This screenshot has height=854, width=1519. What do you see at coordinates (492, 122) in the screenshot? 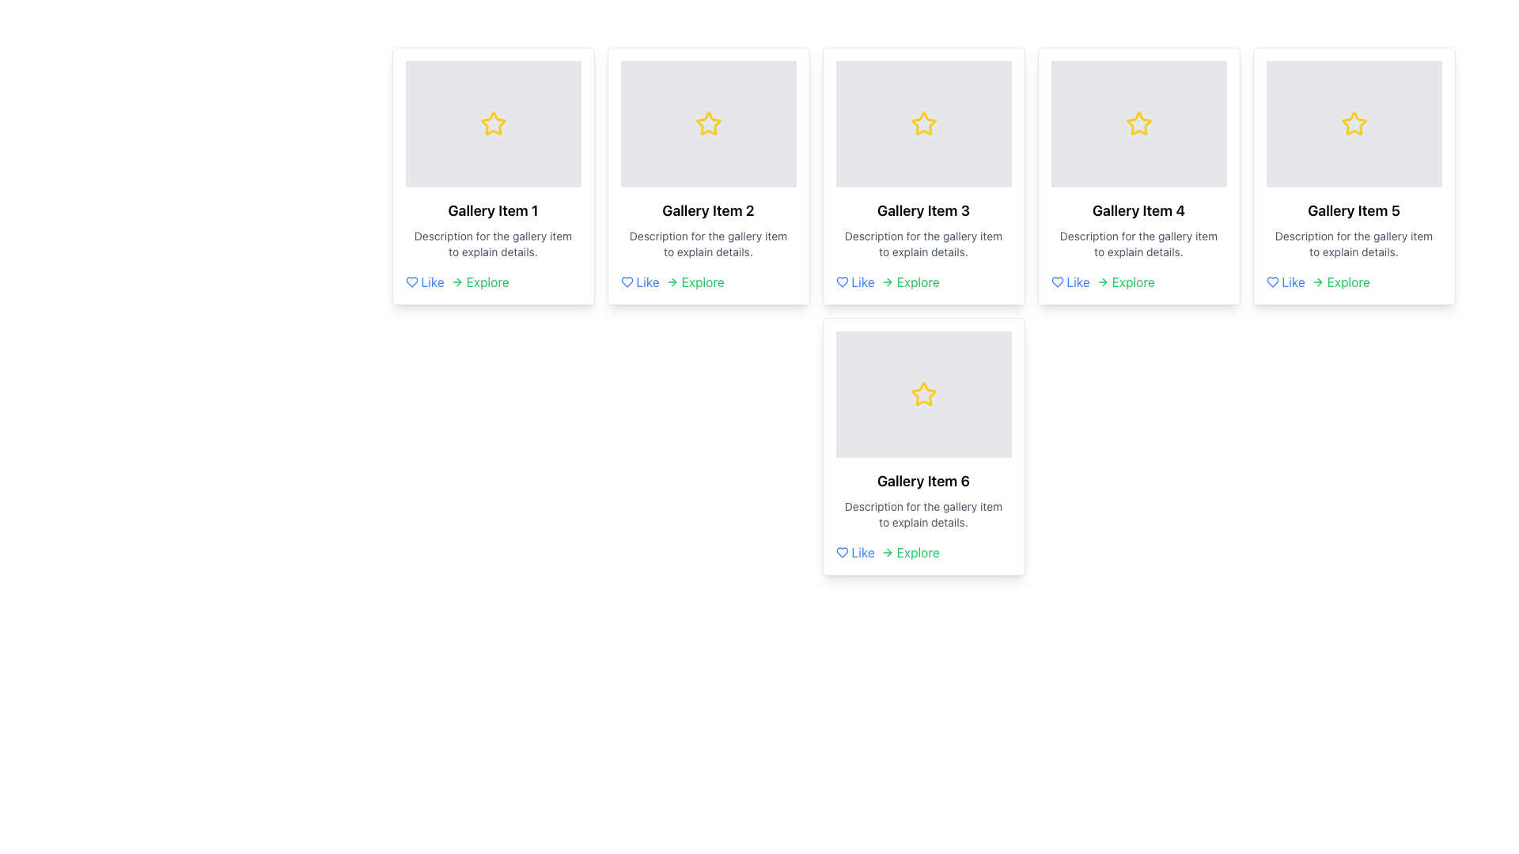
I see `the star icon located in the top visual area of 'Gallery Item 1', which is a five-point star with yellow outlines and a transparent interior` at bounding box center [492, 122].